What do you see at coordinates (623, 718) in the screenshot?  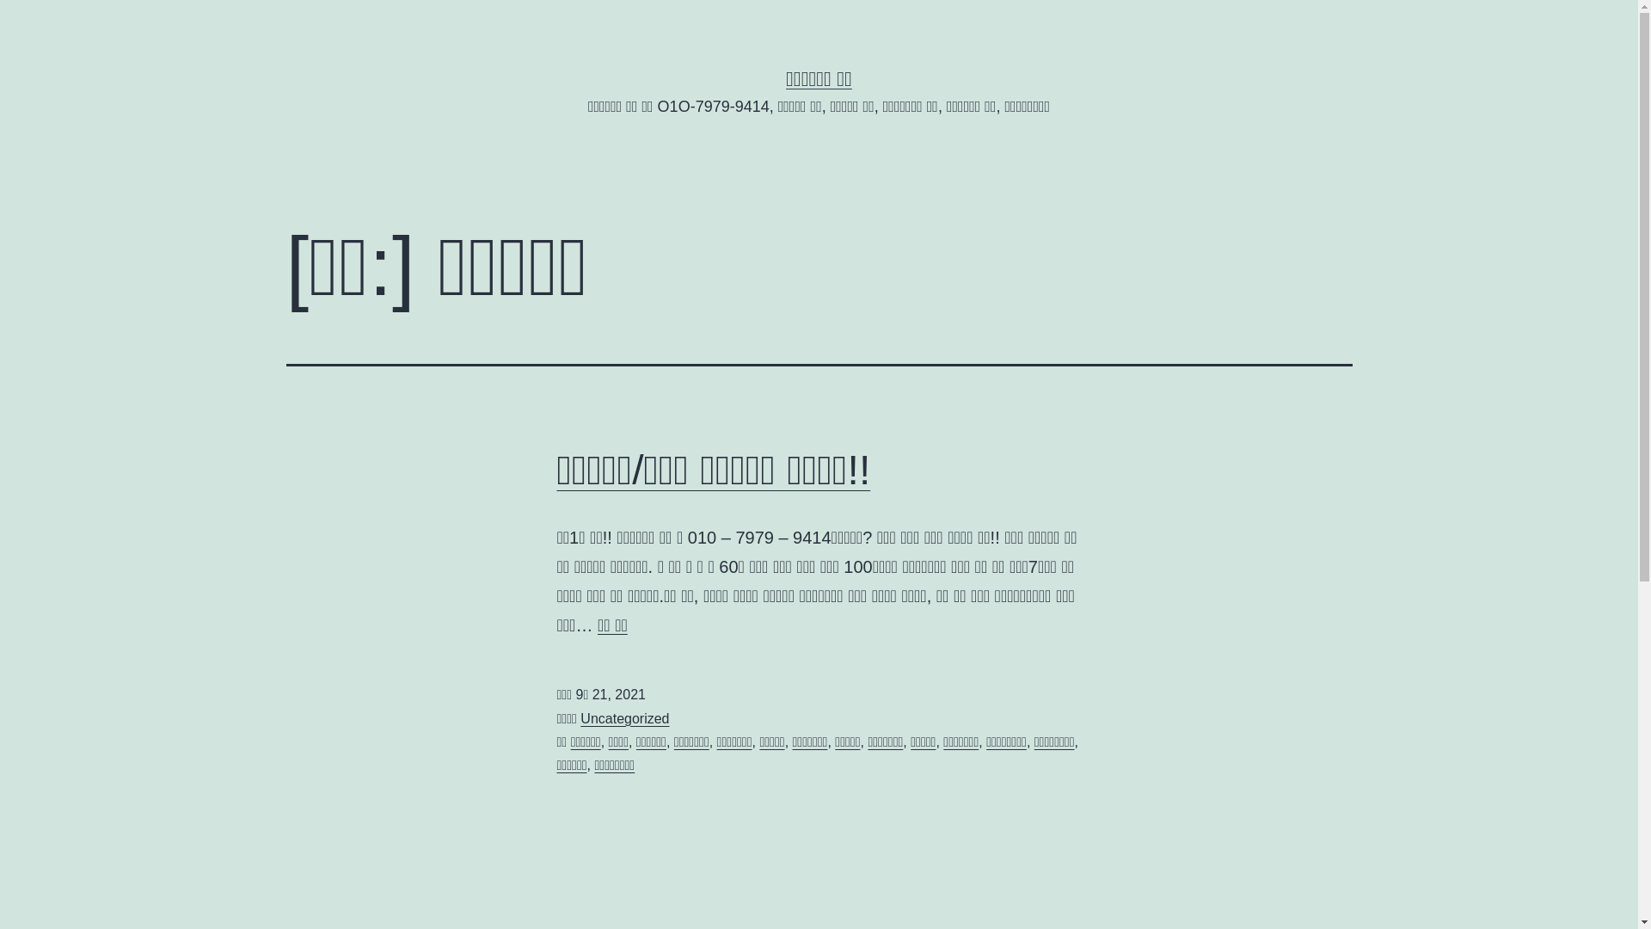 I see `'Uncategorized'` at bounding box center [623, 718].